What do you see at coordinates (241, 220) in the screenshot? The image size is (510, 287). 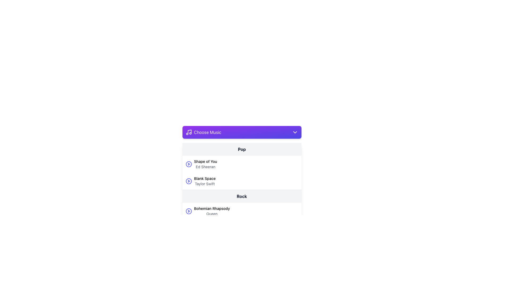 I see `on the first listed item under the 'Rock' section` at bounding box center [241, 220].